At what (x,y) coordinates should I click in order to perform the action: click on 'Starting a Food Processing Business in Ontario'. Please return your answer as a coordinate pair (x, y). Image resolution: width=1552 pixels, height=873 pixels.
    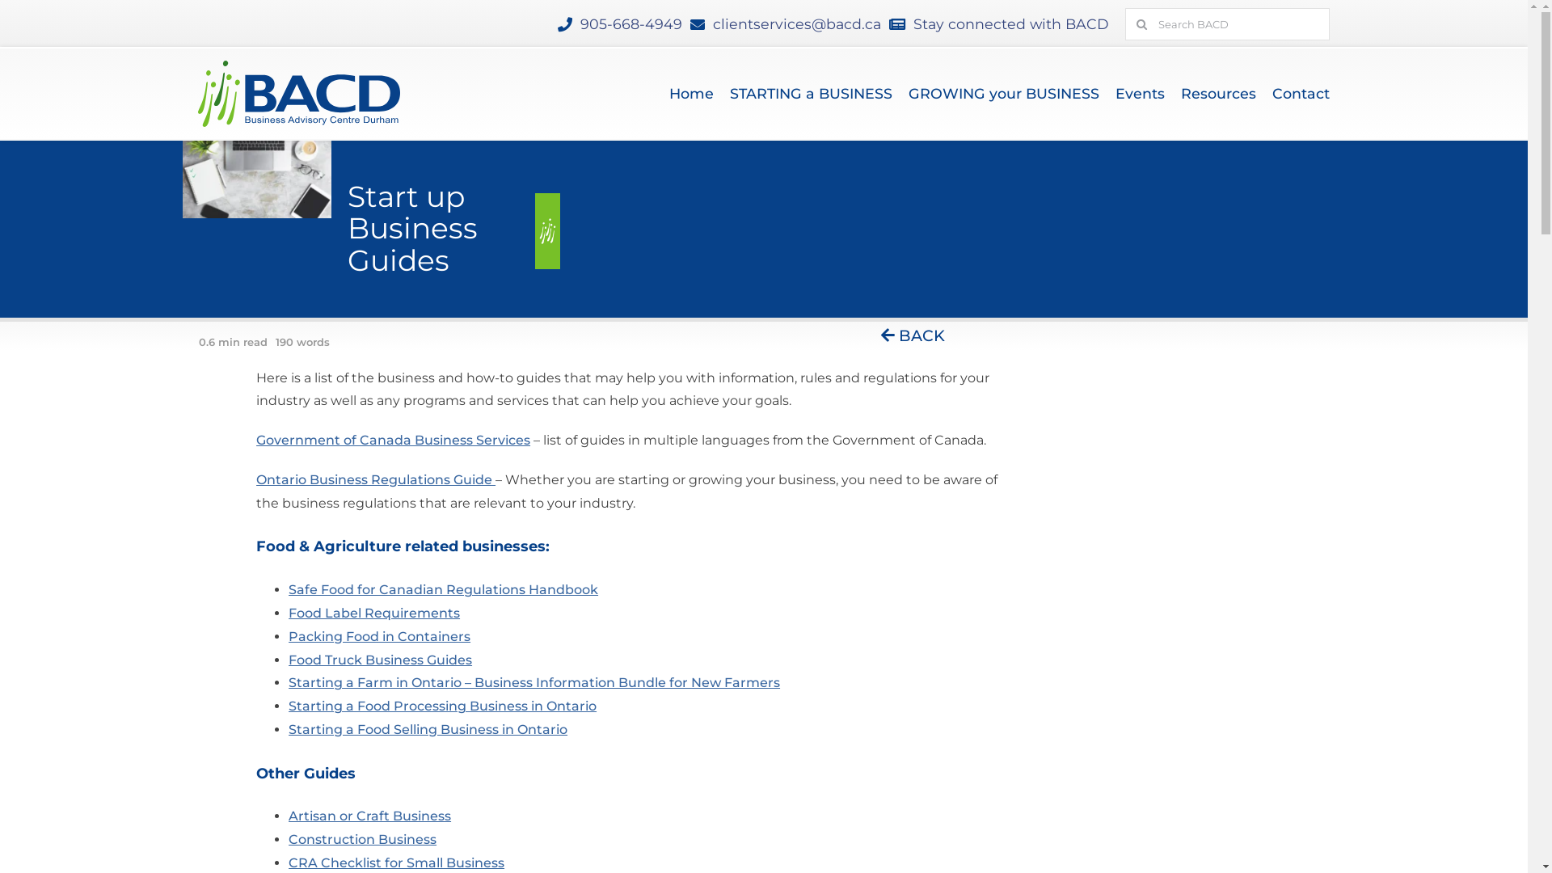
    Looking at the image, I should click on (442, 705).